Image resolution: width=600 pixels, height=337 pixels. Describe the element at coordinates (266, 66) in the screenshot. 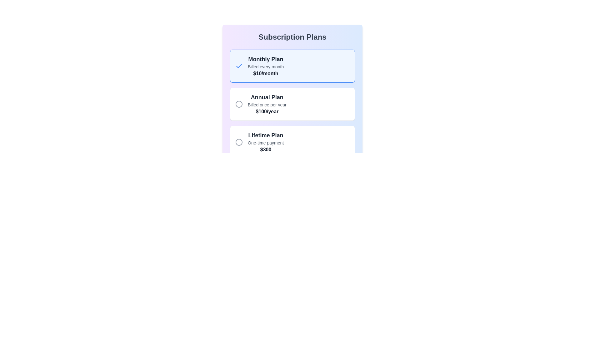

I see `the text label displaying 'Billed every month', which is positioned below 'Monthly Plan' and above '$10/month'` at that location.